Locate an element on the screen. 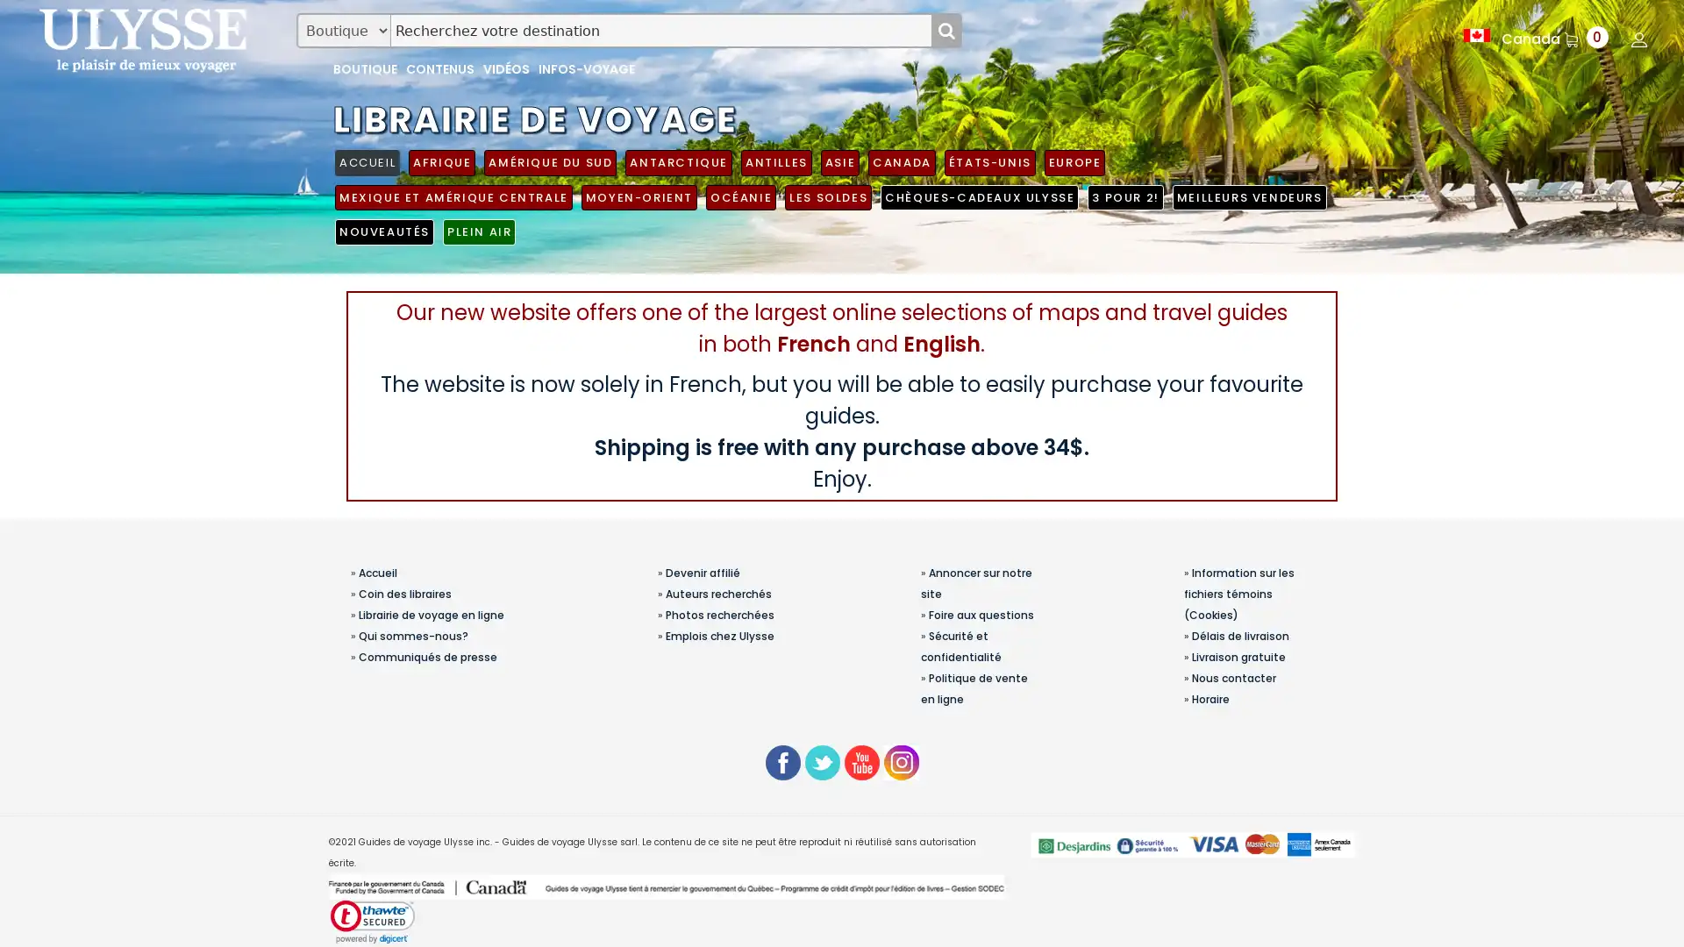 The height and width of the screenshot is (947, 1684). CANADA is located at coordinates (901, 162).